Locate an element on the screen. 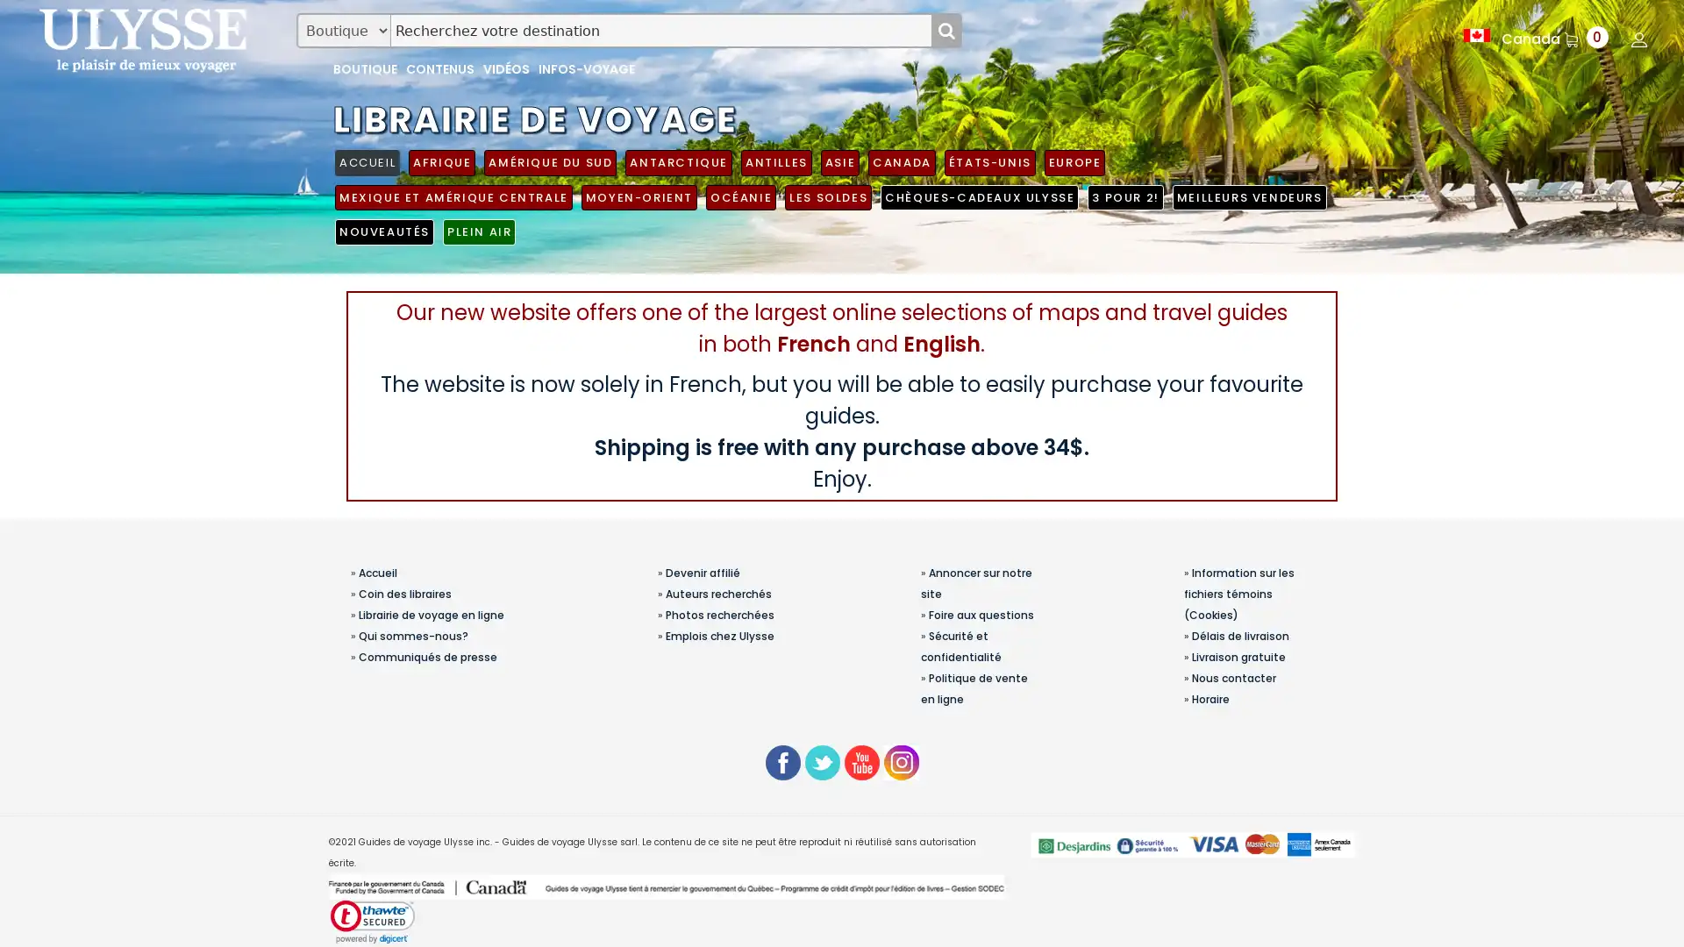 The height and width of the screenshot is (947, 1684). CANADA is located at coordinates (901, 162).